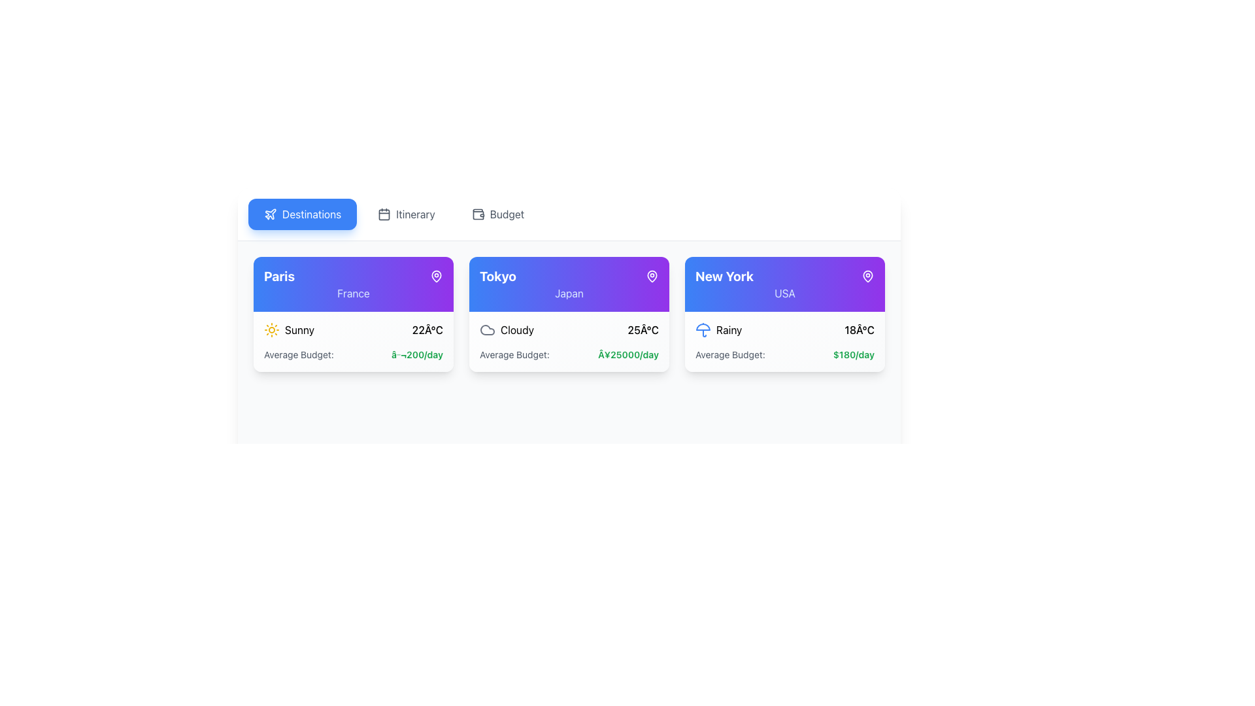 The height and width of the screenshot is (706, 1255). Describe the element at coordinates (652, 276) in the screenshot. I see `the map pin icon located at the top-right corner of the purple card labeled 'Tokyo', which has a white outline and is beside the text 'Japan'` at that location.